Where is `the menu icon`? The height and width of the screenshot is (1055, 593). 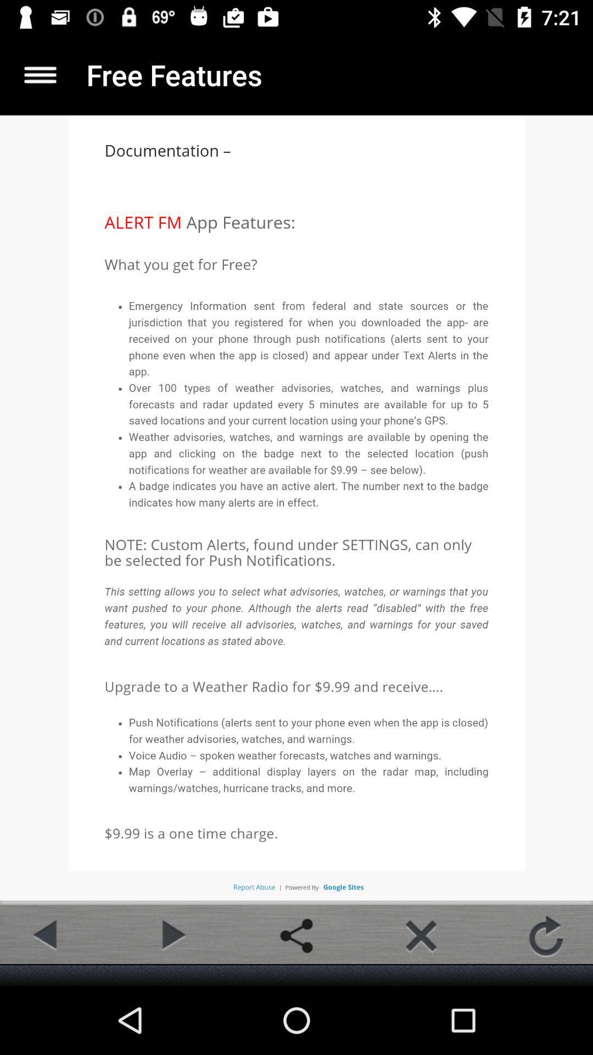 the menu icon is located at coordinates (40, 74).